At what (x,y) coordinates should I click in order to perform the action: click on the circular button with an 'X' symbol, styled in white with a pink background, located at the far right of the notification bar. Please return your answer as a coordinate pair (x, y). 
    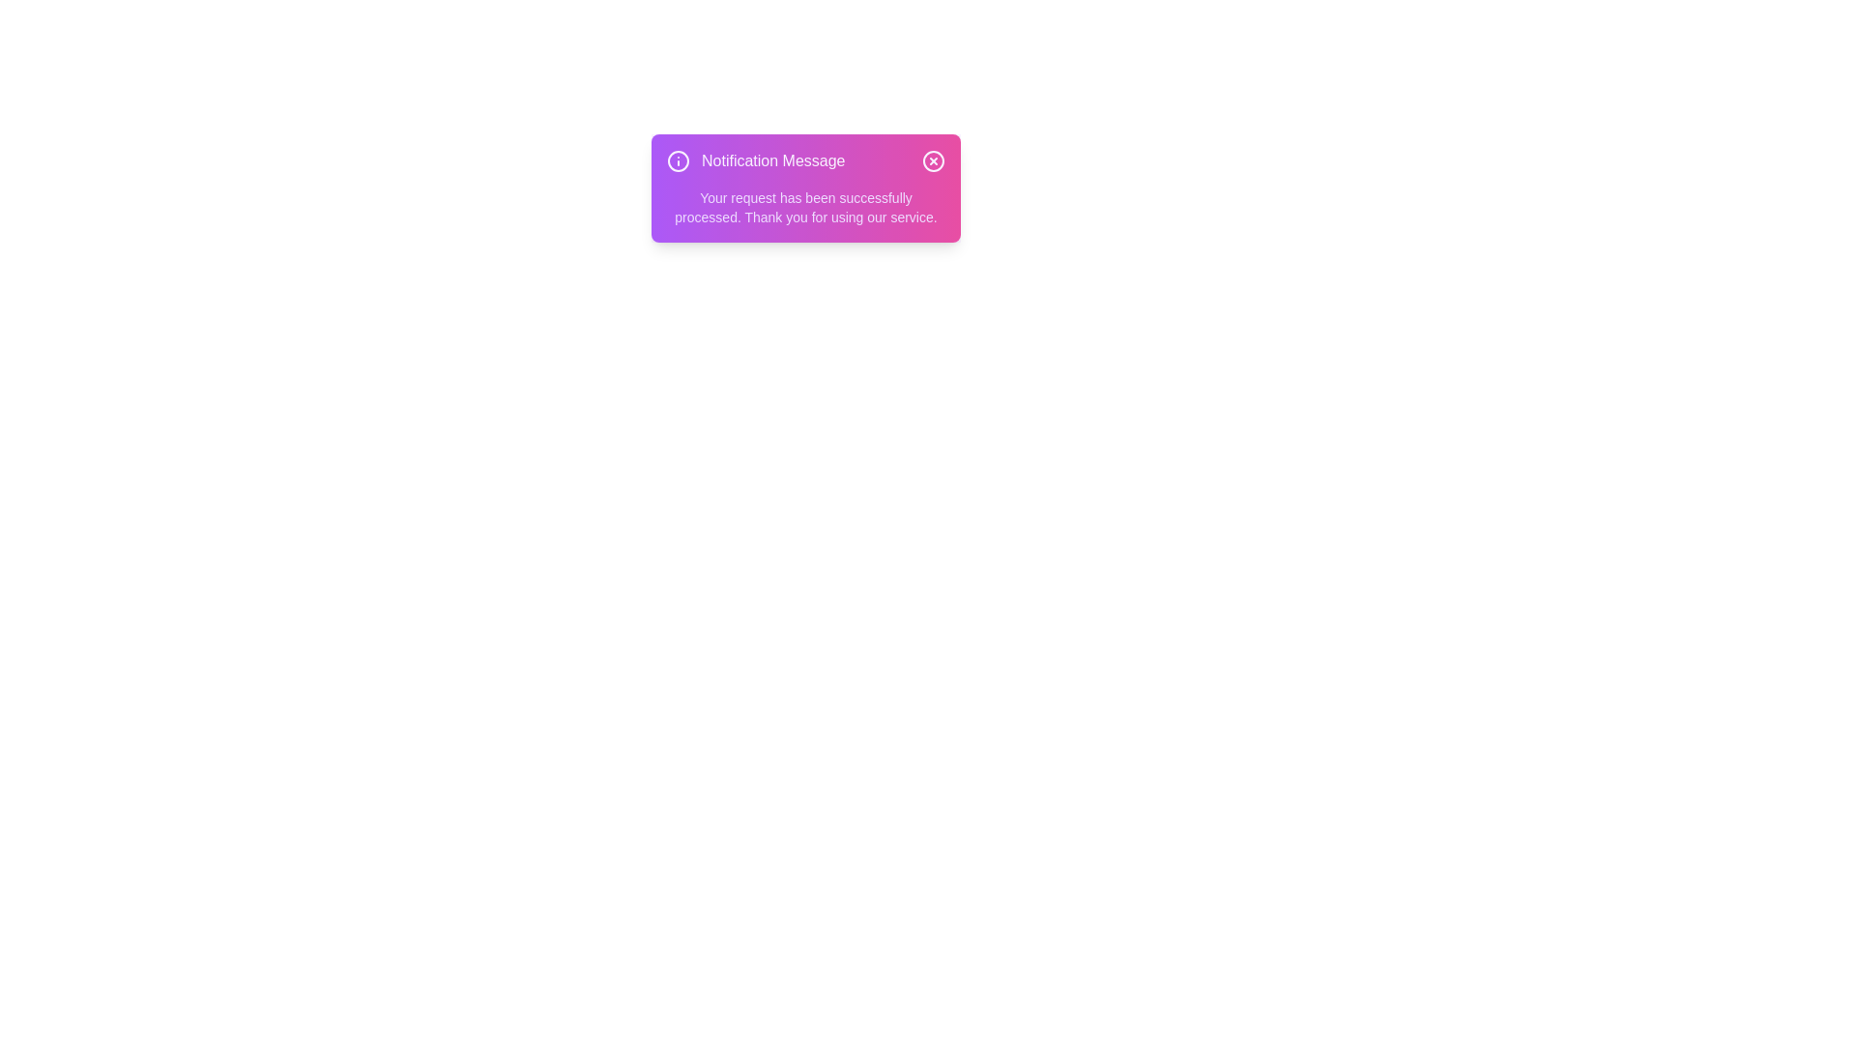
    Looking at the image, I should click on (933, 159).